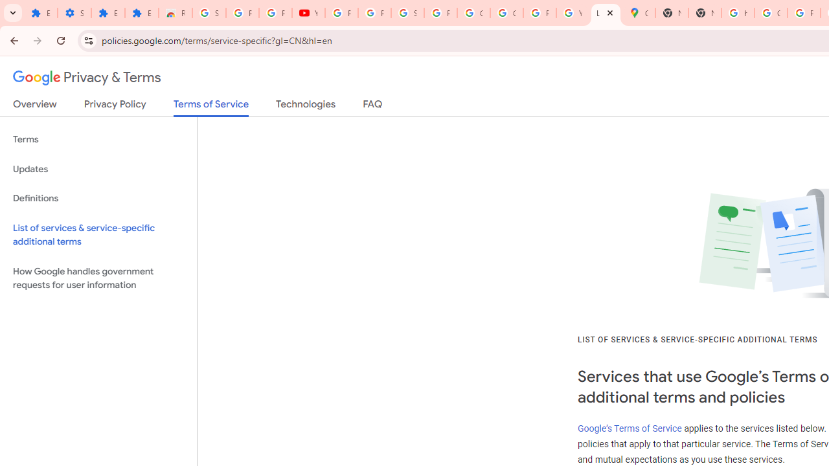 This screenshot has width=829, height=466. I want to click on 'https://scholar.google.com/', so click(738, 13).